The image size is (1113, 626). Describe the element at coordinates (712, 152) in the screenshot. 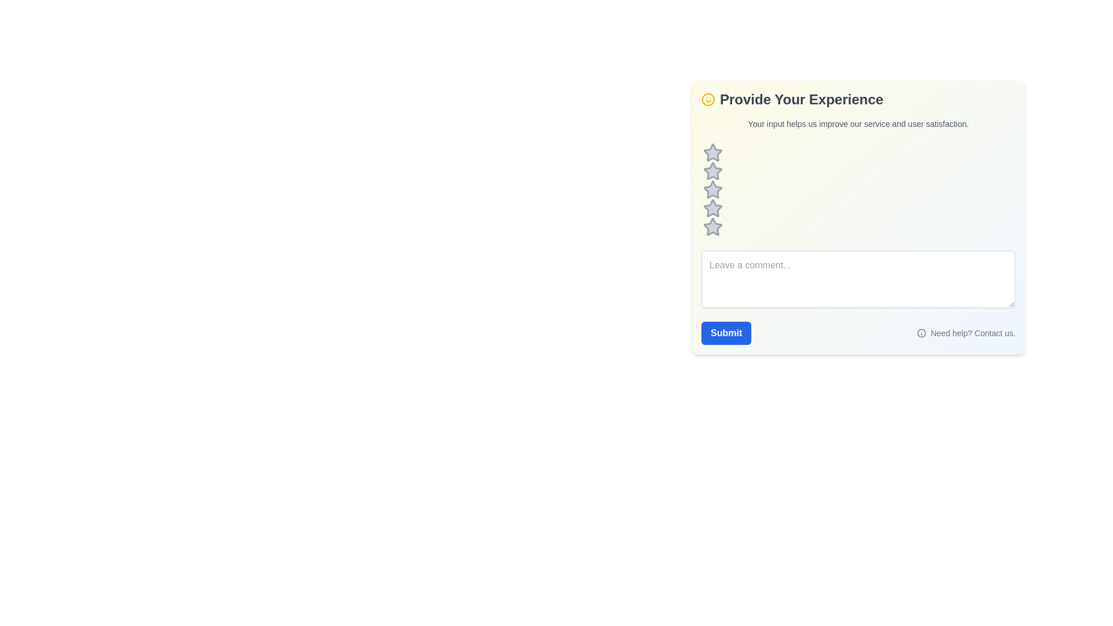

I see `the first star-shaped rating icon, which has a gray fill and border` at that location.